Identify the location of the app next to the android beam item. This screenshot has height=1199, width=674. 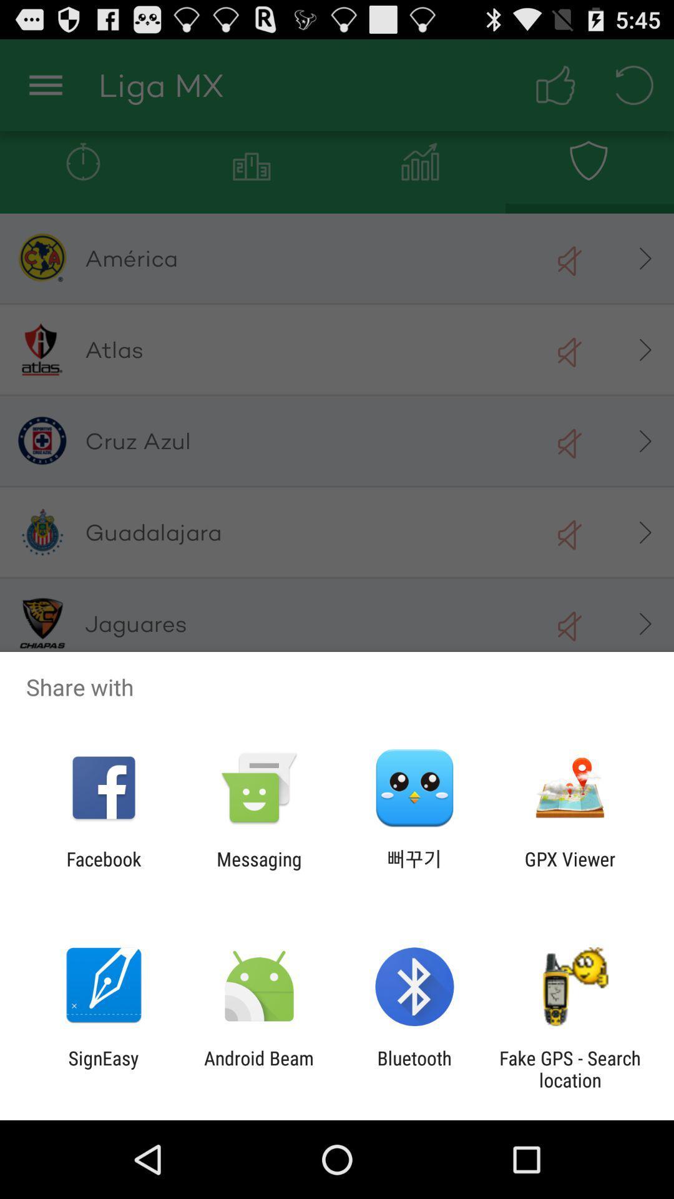
(103, 1068).